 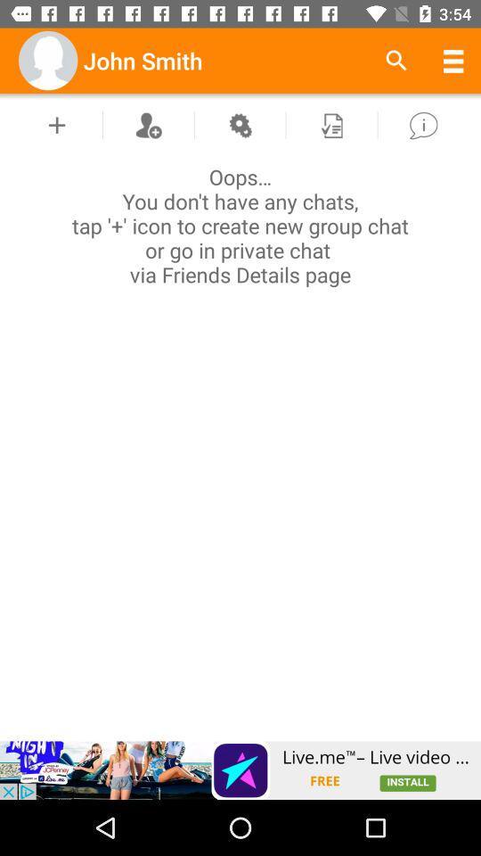 I want to click on the follow icon, so click(x=147, y=124).